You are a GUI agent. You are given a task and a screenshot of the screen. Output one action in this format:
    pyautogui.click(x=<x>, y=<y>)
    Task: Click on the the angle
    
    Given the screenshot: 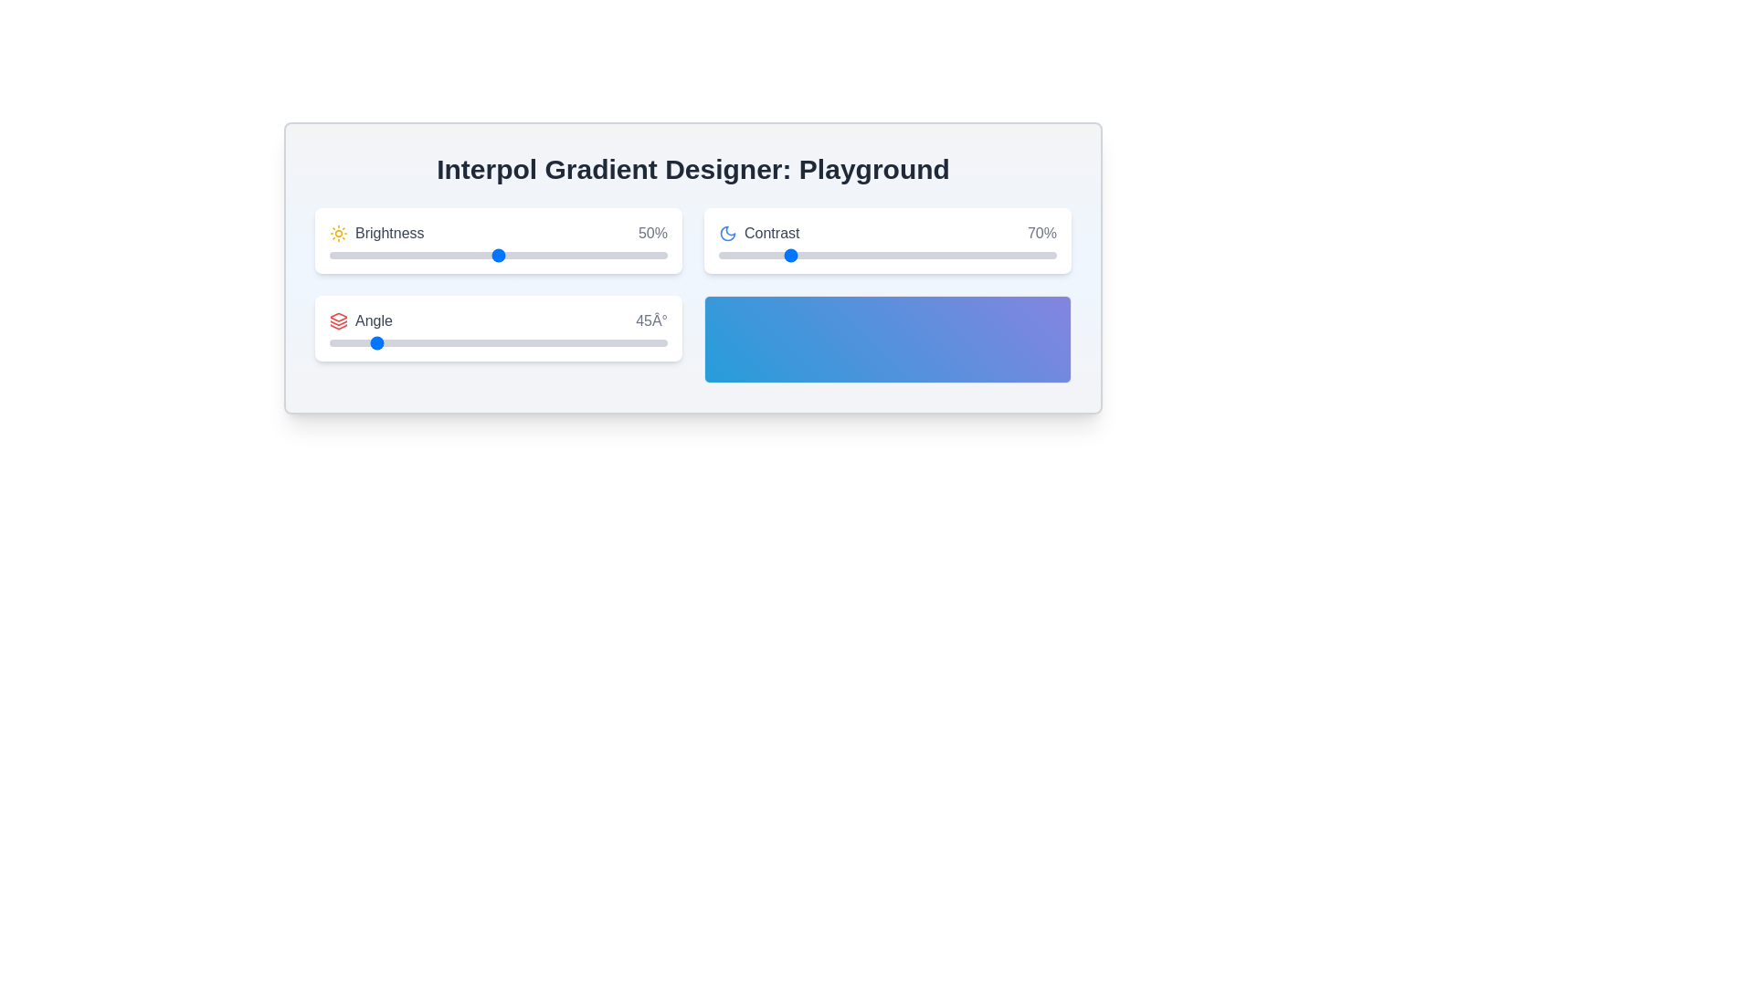 What is the action you would take?
    pyautogui.click(x=464, y=342)
    